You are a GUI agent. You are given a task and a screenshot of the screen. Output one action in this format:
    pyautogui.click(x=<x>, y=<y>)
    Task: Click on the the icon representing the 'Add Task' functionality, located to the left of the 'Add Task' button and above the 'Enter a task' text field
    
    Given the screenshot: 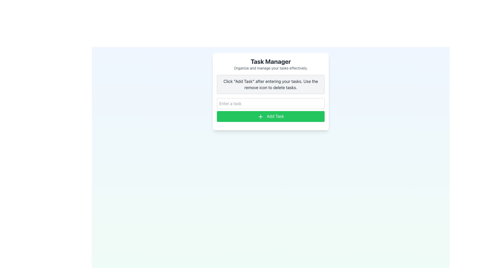 What is the action you would take?
    pyautogui.click(x=260, y=117)
    